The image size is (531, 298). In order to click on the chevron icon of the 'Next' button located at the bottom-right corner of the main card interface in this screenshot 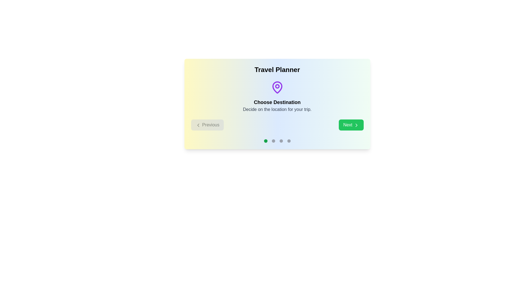, I will do `click(356, 125)`.